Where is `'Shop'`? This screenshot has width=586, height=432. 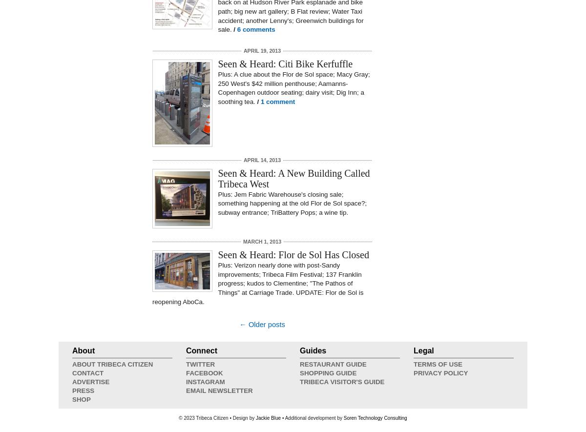
'Shop' is located at coordinates (81, 399).